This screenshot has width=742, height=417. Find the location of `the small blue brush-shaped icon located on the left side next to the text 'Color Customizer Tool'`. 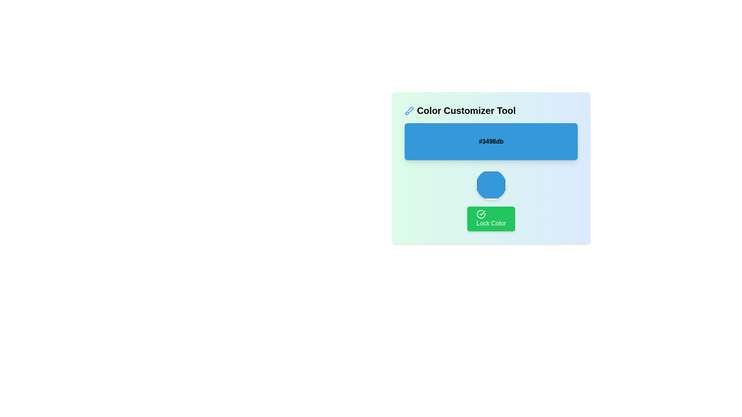

the small blue brush-shaped icon located on the left side next to the text 'Color Customizer Tool' is located at coordinates (409, 110).